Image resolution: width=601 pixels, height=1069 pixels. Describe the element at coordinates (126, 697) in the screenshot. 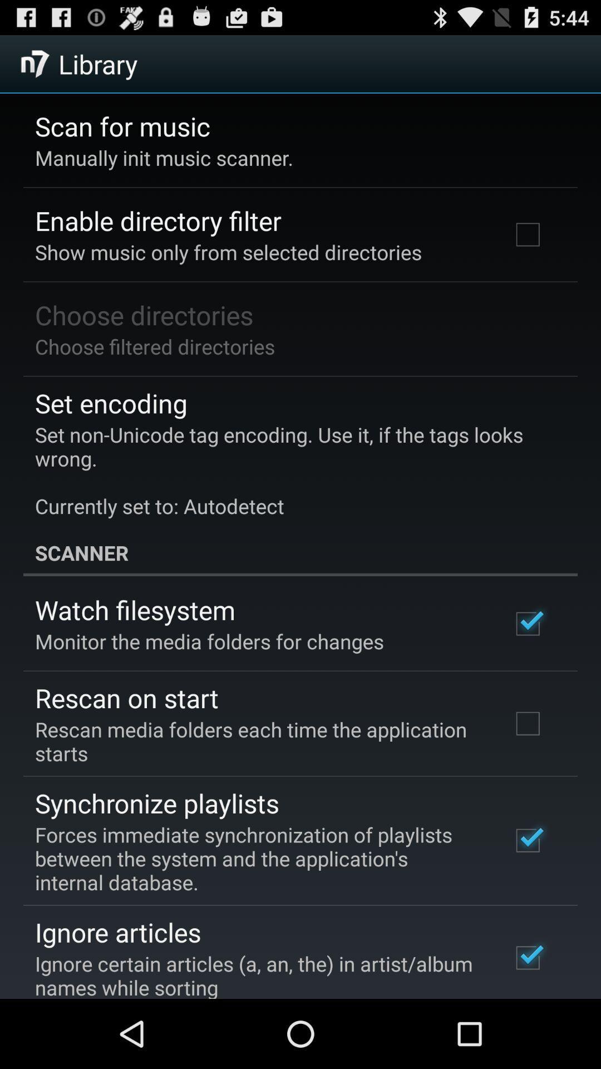

I see `the rescan on start app` at that location.